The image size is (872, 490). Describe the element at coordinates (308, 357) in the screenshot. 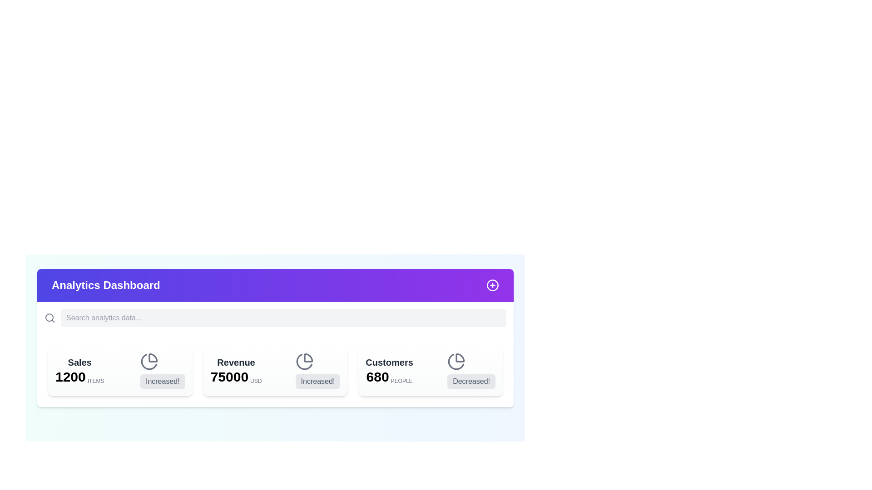

I see `the design of the pie chart segment icon located in the 'Customers' section on the dashboard, which represents a portion of the pie chart` at that location.